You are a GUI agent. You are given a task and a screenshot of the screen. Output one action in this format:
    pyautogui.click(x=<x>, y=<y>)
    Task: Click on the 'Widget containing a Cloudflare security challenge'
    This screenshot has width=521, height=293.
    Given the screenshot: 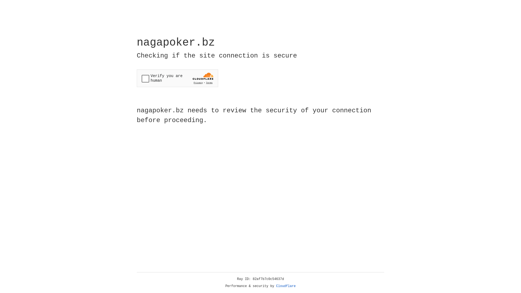 What is the action you would take?
    pyautogui.click(x=177, y=78)
    